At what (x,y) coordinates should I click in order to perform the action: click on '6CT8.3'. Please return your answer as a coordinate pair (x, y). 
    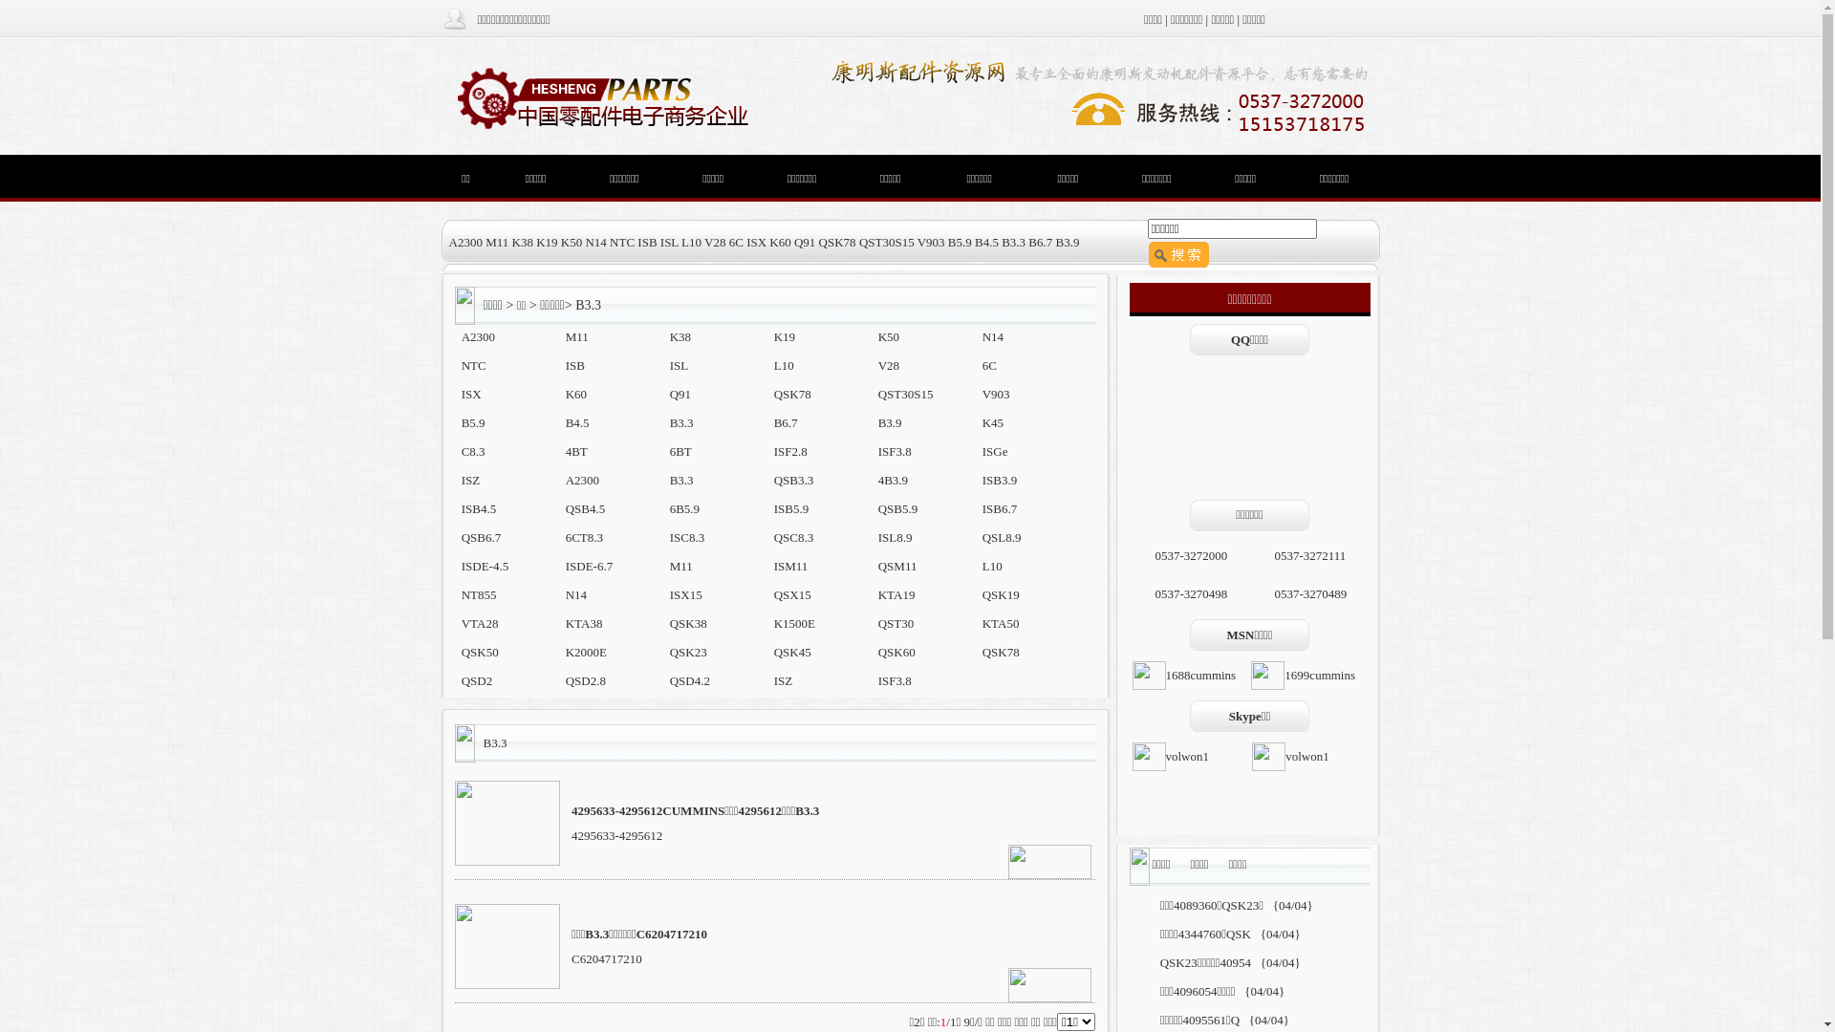
    Looking at the image, I should click on (583, 537).